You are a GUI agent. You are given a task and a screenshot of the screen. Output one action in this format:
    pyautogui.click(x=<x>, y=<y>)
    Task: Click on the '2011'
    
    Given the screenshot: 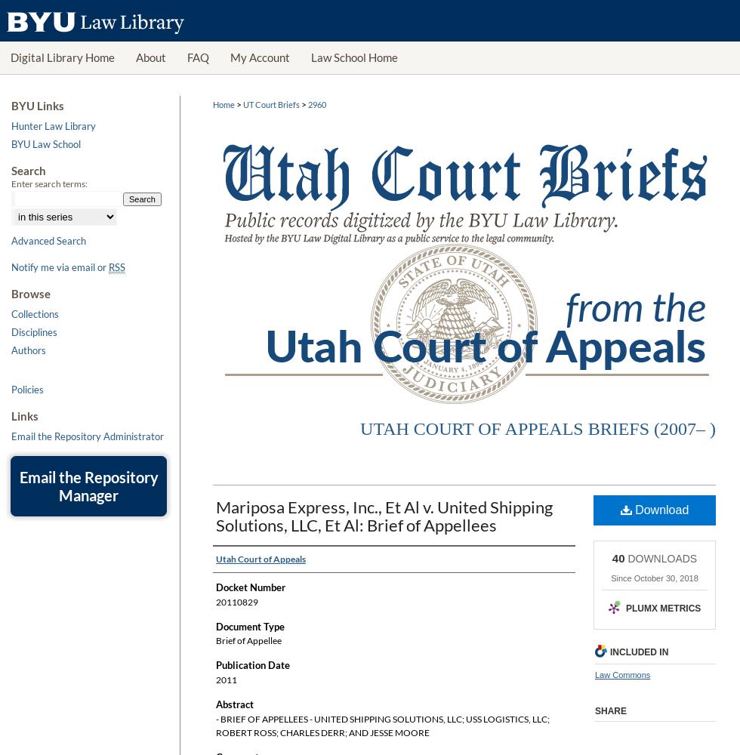 What is the action you would take?
    pyautogui.click(x=226, y=679)
    